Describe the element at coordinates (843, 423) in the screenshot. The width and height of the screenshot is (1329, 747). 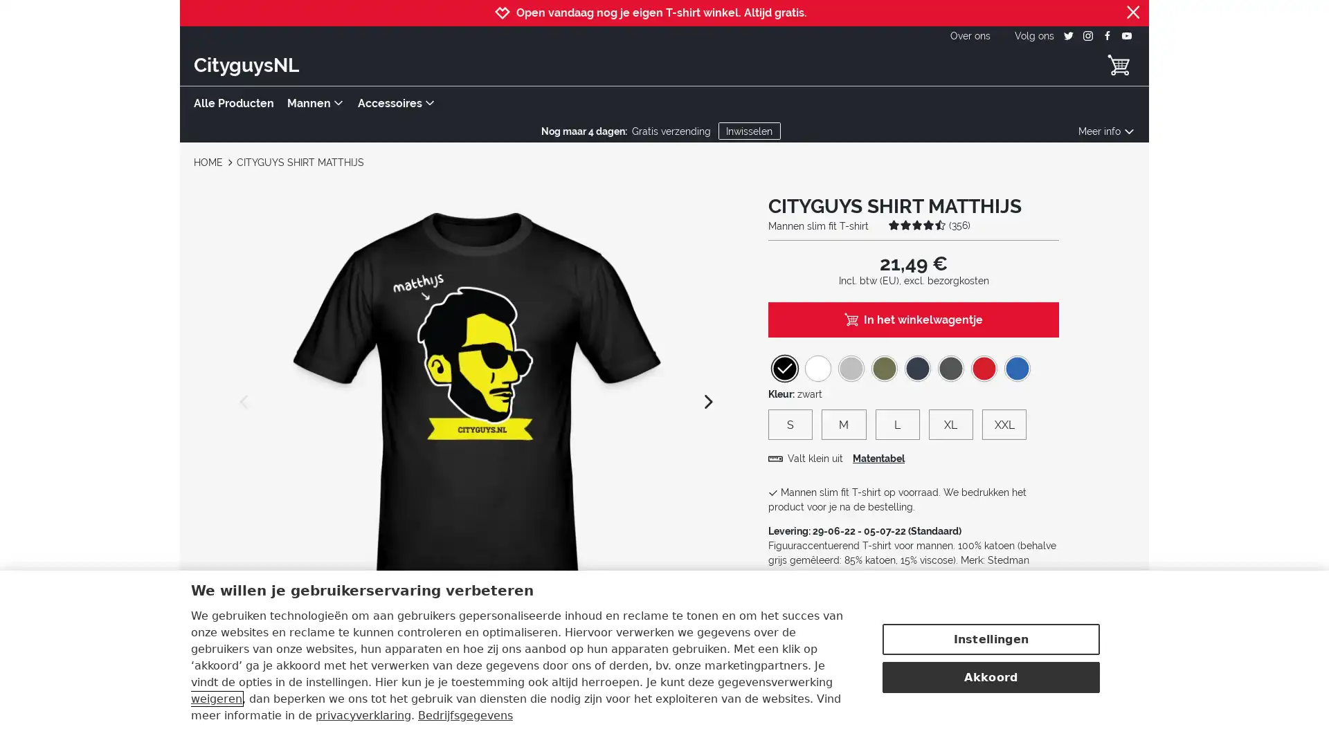
I see `M` at that location.